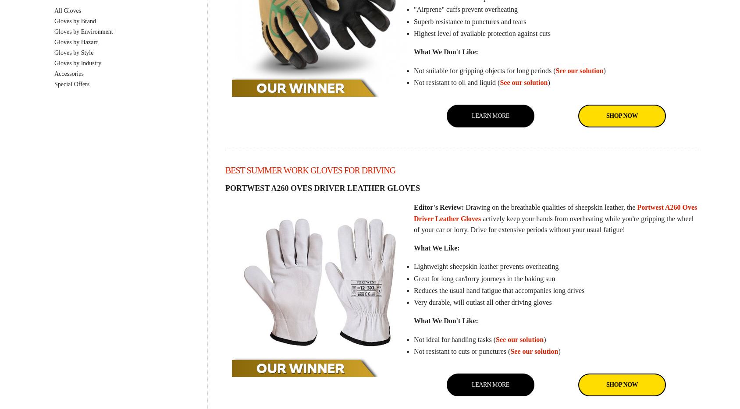 This screenshot has height=409, width=740. Describe the element at coordinates (486, 266) in the screenshot. I see `'Lightweight sheepskin leather prevents overheating'` at that location.